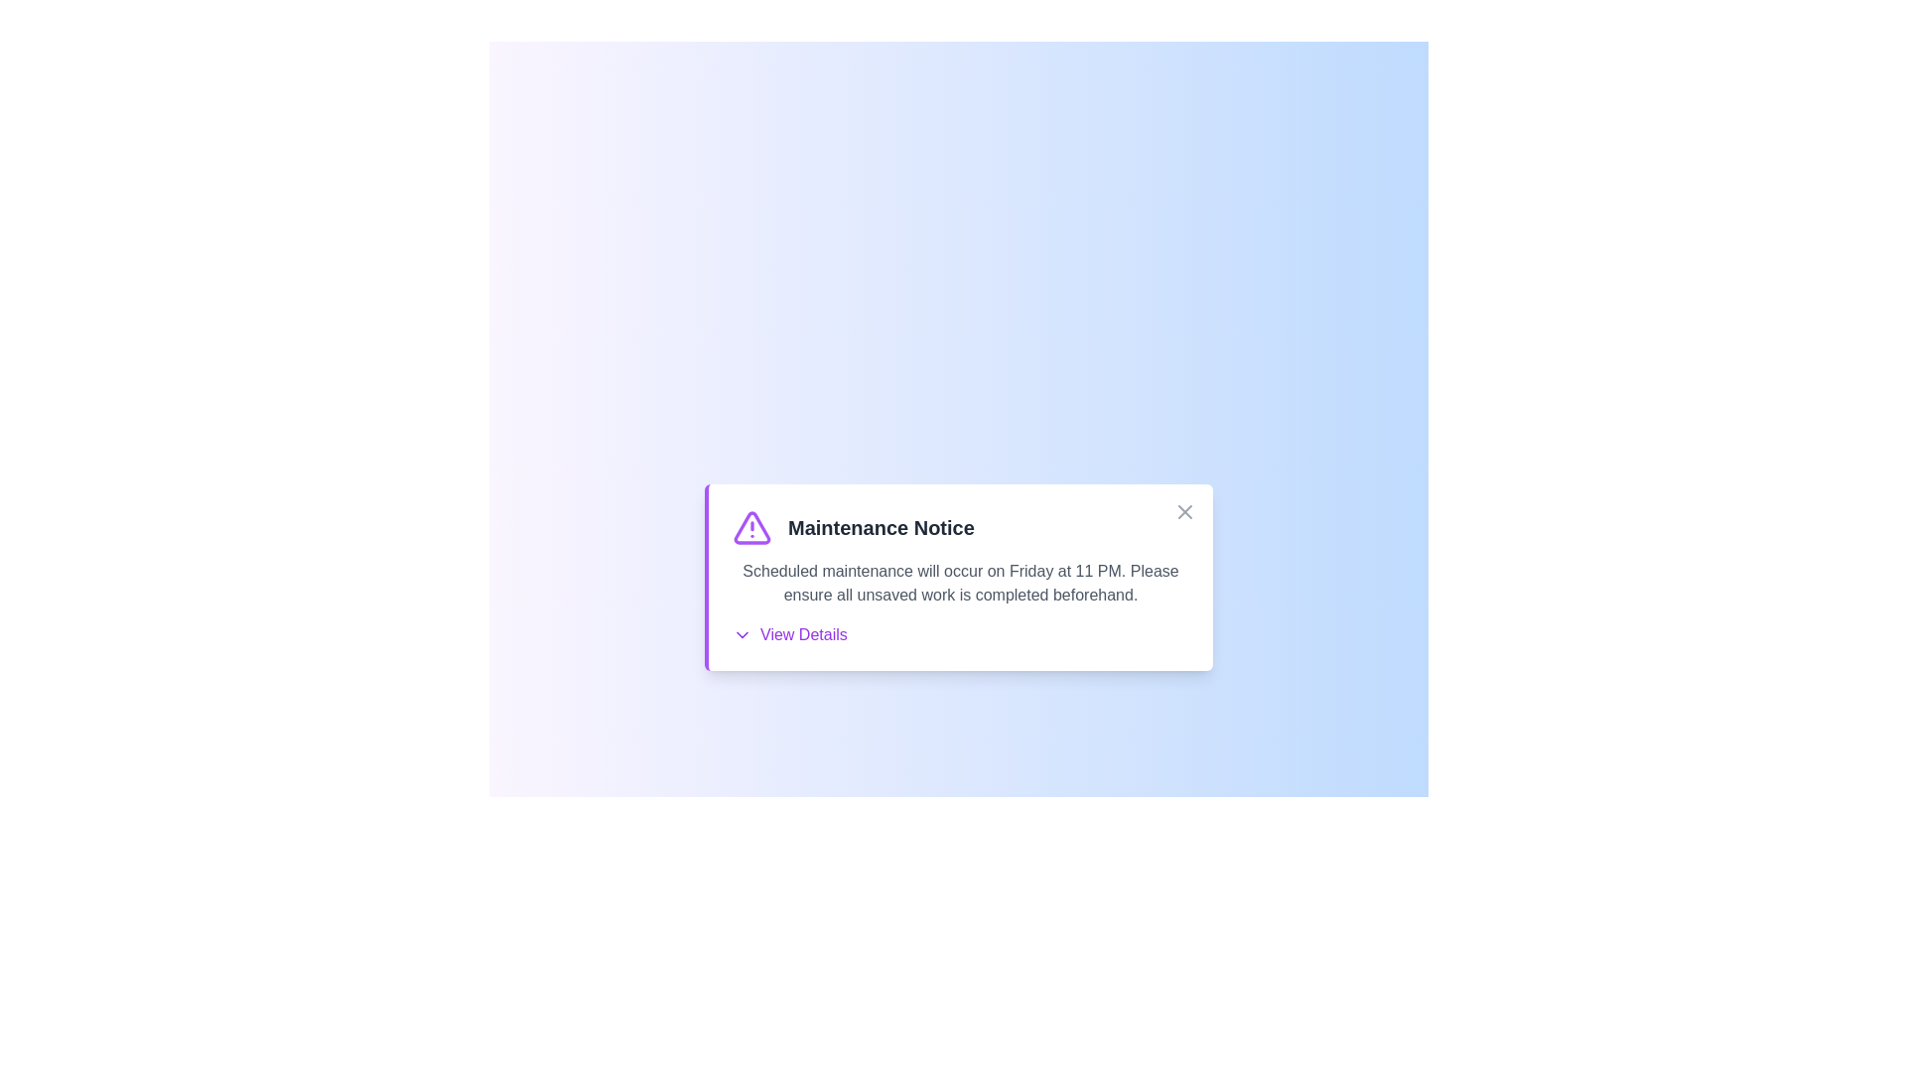  Describe the element at coordinates (788, 635) in the screenshot. I see `the 'View Details' button to toggle the details section` at that location.